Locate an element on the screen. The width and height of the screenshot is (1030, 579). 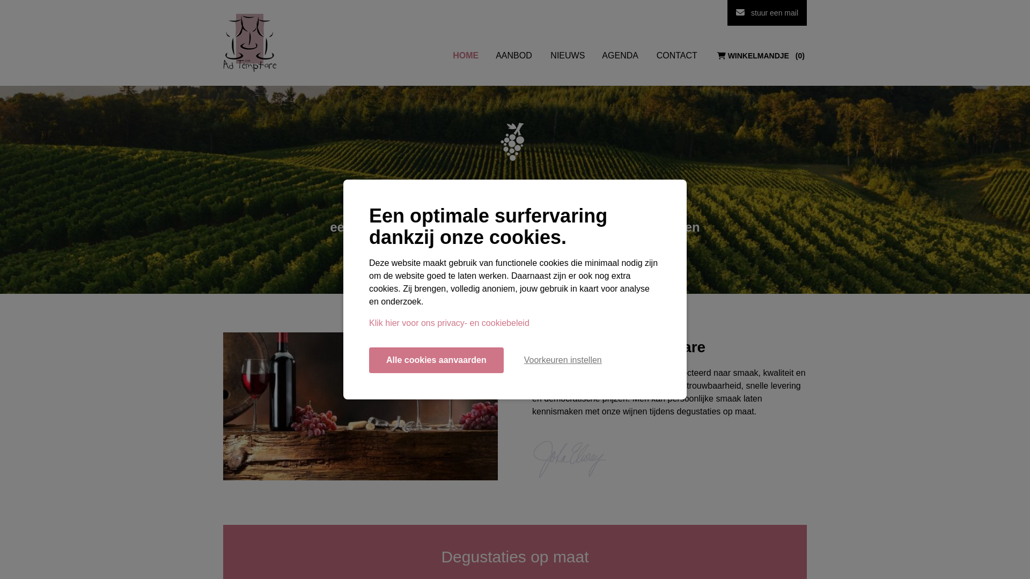
'Ontdek ons aanbod' is located at coordinates (515, 289).